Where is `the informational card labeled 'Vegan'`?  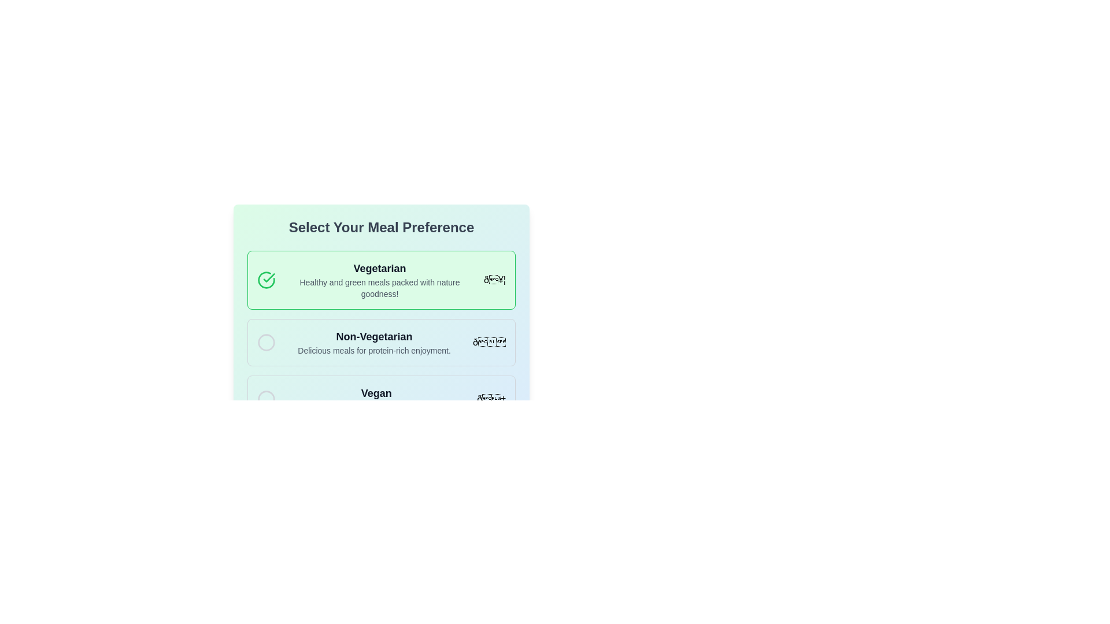 the informational card labeled 'Vegan' is located at coordinates (382, 398).